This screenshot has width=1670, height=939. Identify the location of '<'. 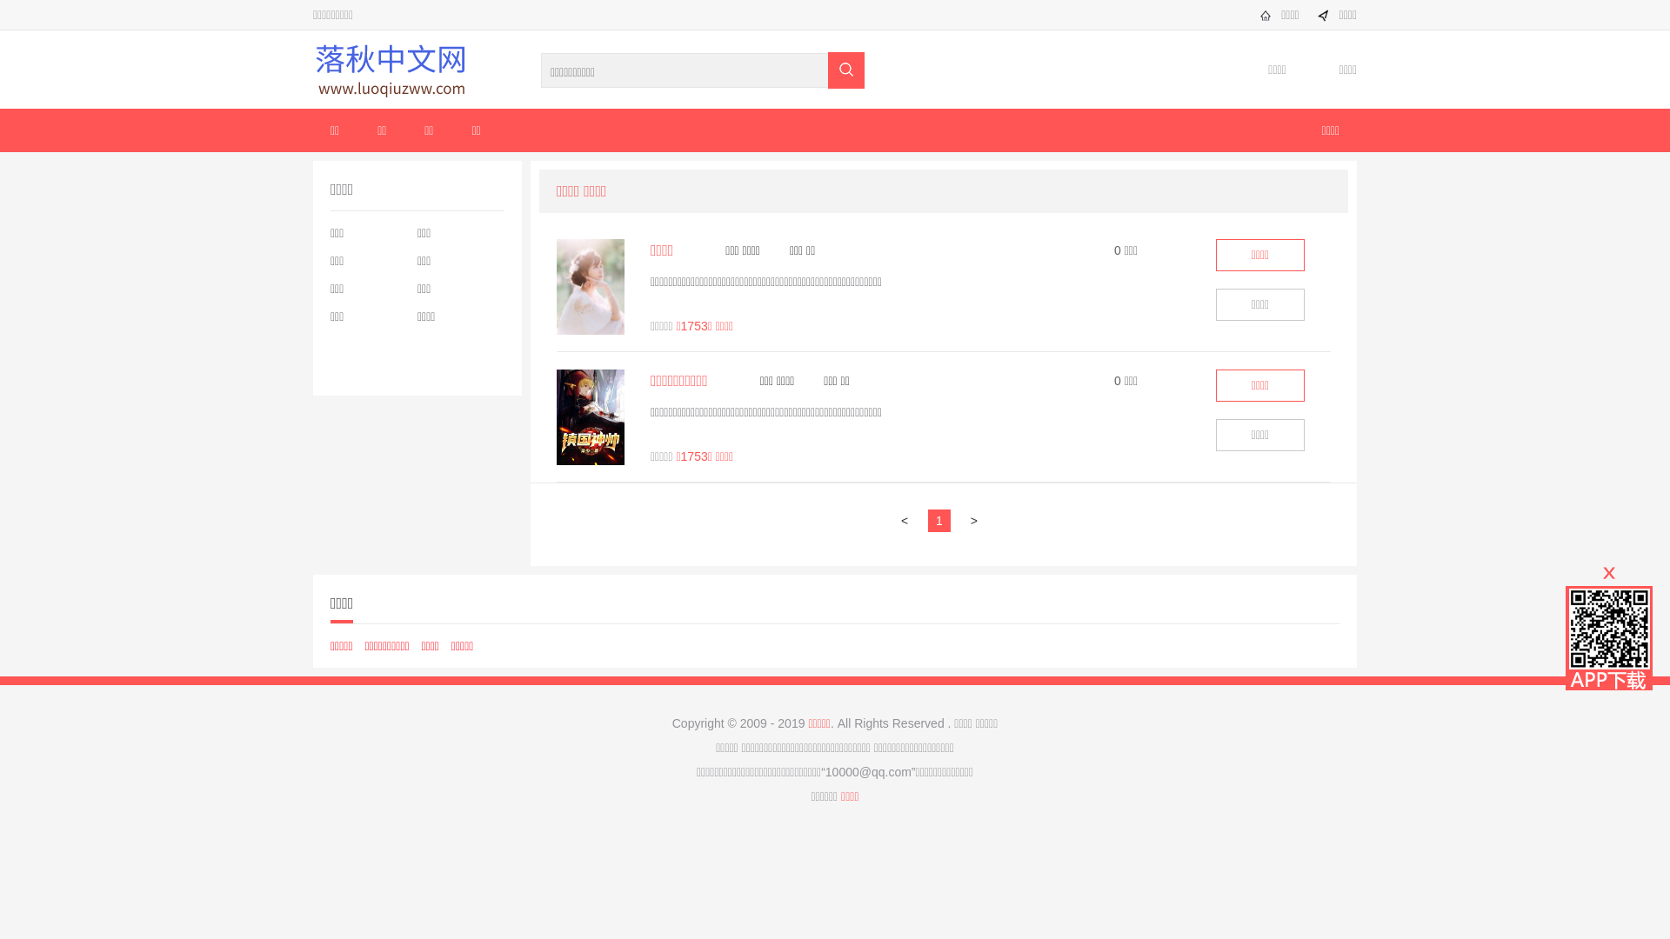
(908, 519).